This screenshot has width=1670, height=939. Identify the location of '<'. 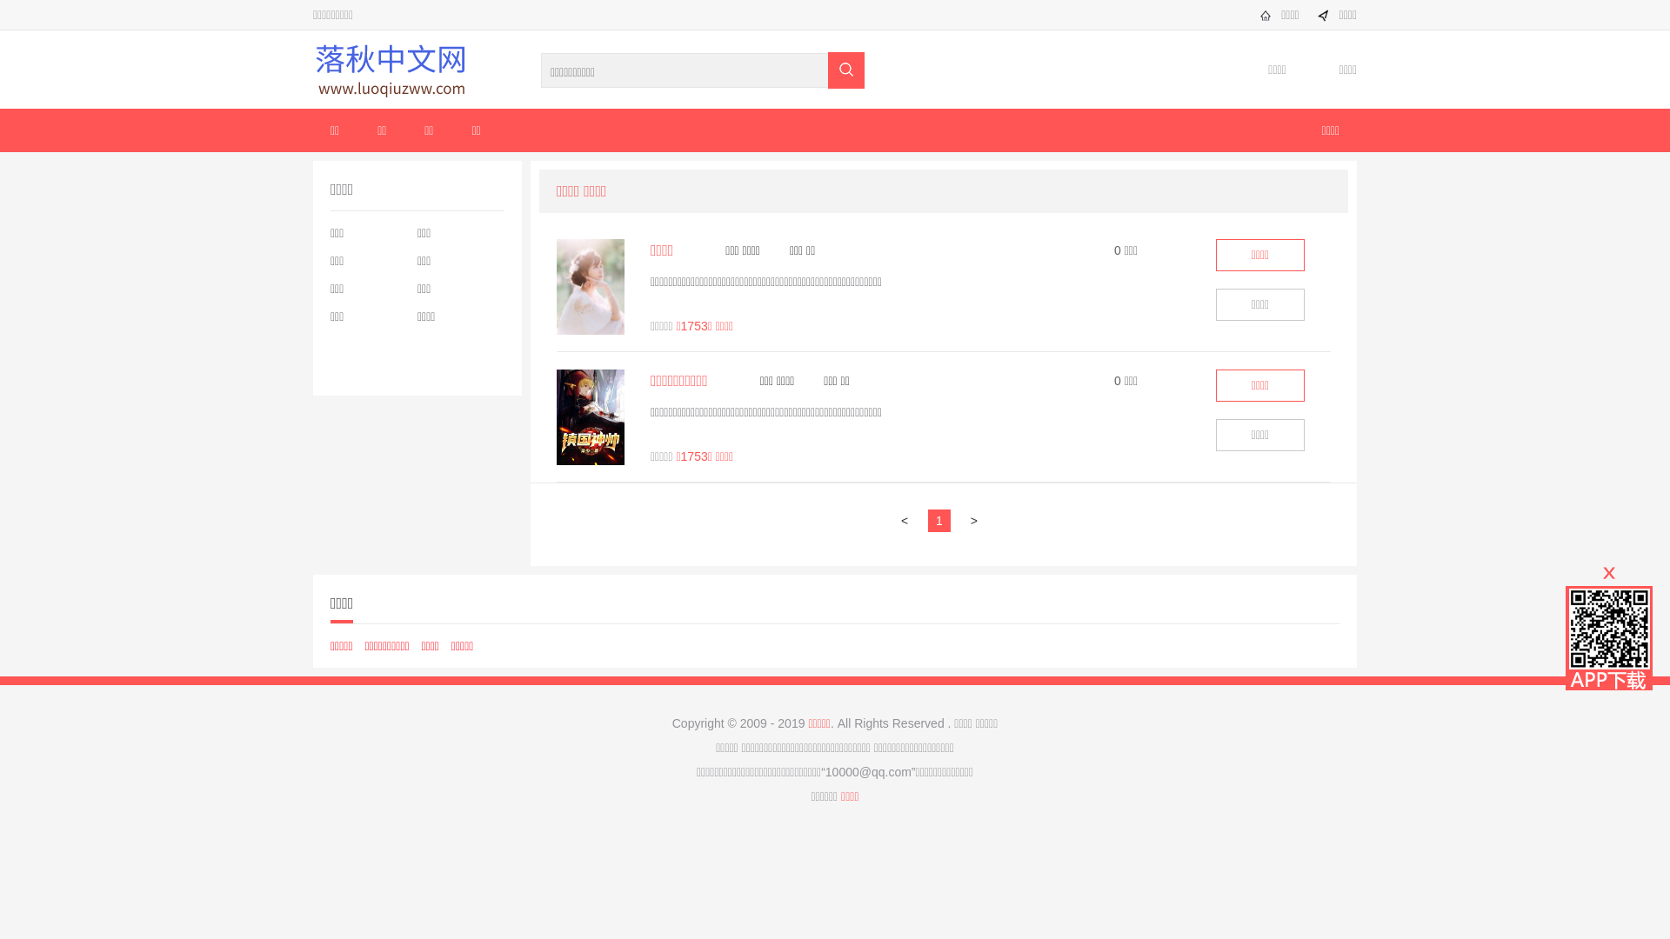
(908, 519).